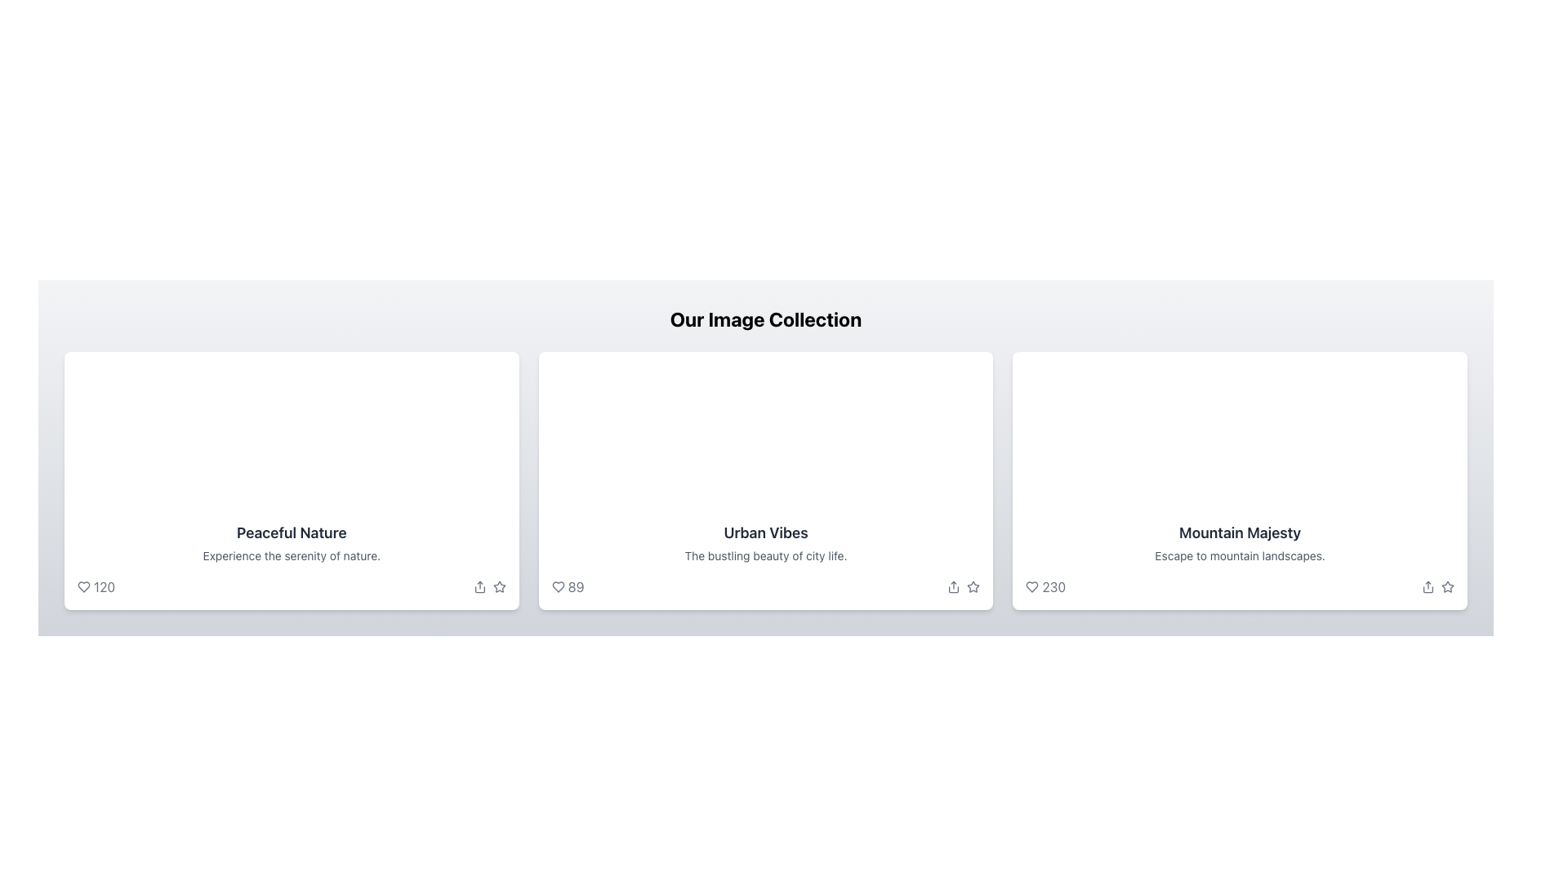  What do you see at coordinates (488, 586) in the screenshot?
I see `the share icon located at the bottom-right corner of the 'Peaceful Nature' card, which is part of a group of interactive icons for sharing and marking content as a favorite` at bounding box center [488, 586].